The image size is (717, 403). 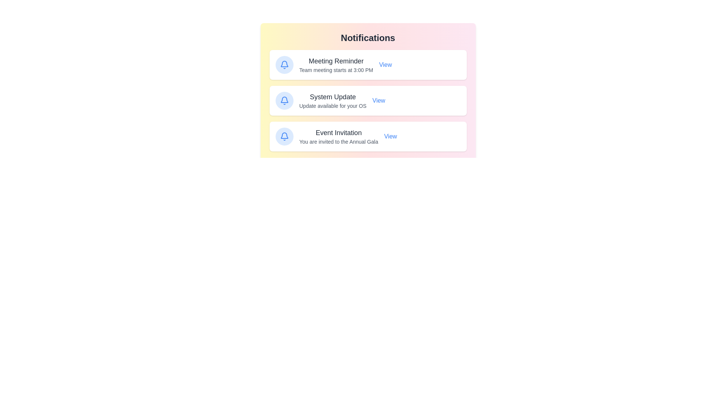 What do you see at coordinates (390, 137) in the screenshot?
I see `the 'View' button for the notification titled 'Event Invitation'` at bounding box center [390, 137].